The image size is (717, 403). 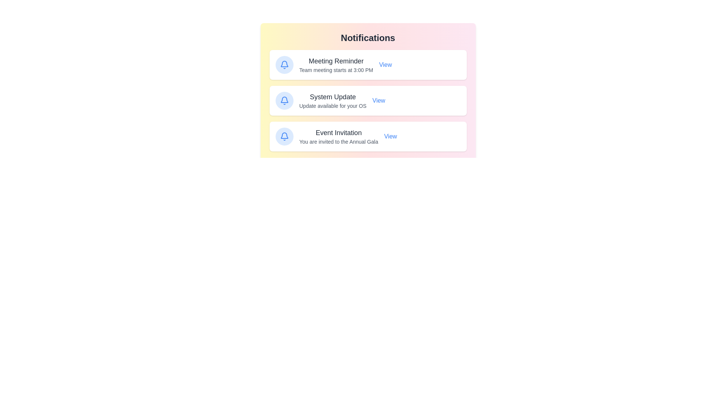 What do you see at coordinates (390, 137) in the screenshot?
I see `the 'View' button for the notification titled 'Event Invitation'` at bounding box center [390, 137].